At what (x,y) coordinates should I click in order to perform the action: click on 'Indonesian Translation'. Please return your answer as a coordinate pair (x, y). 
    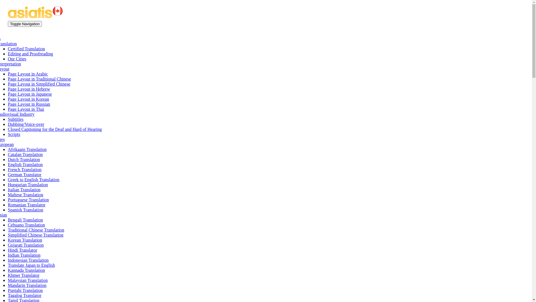
    Looking at the image, I should click on (8, 260).